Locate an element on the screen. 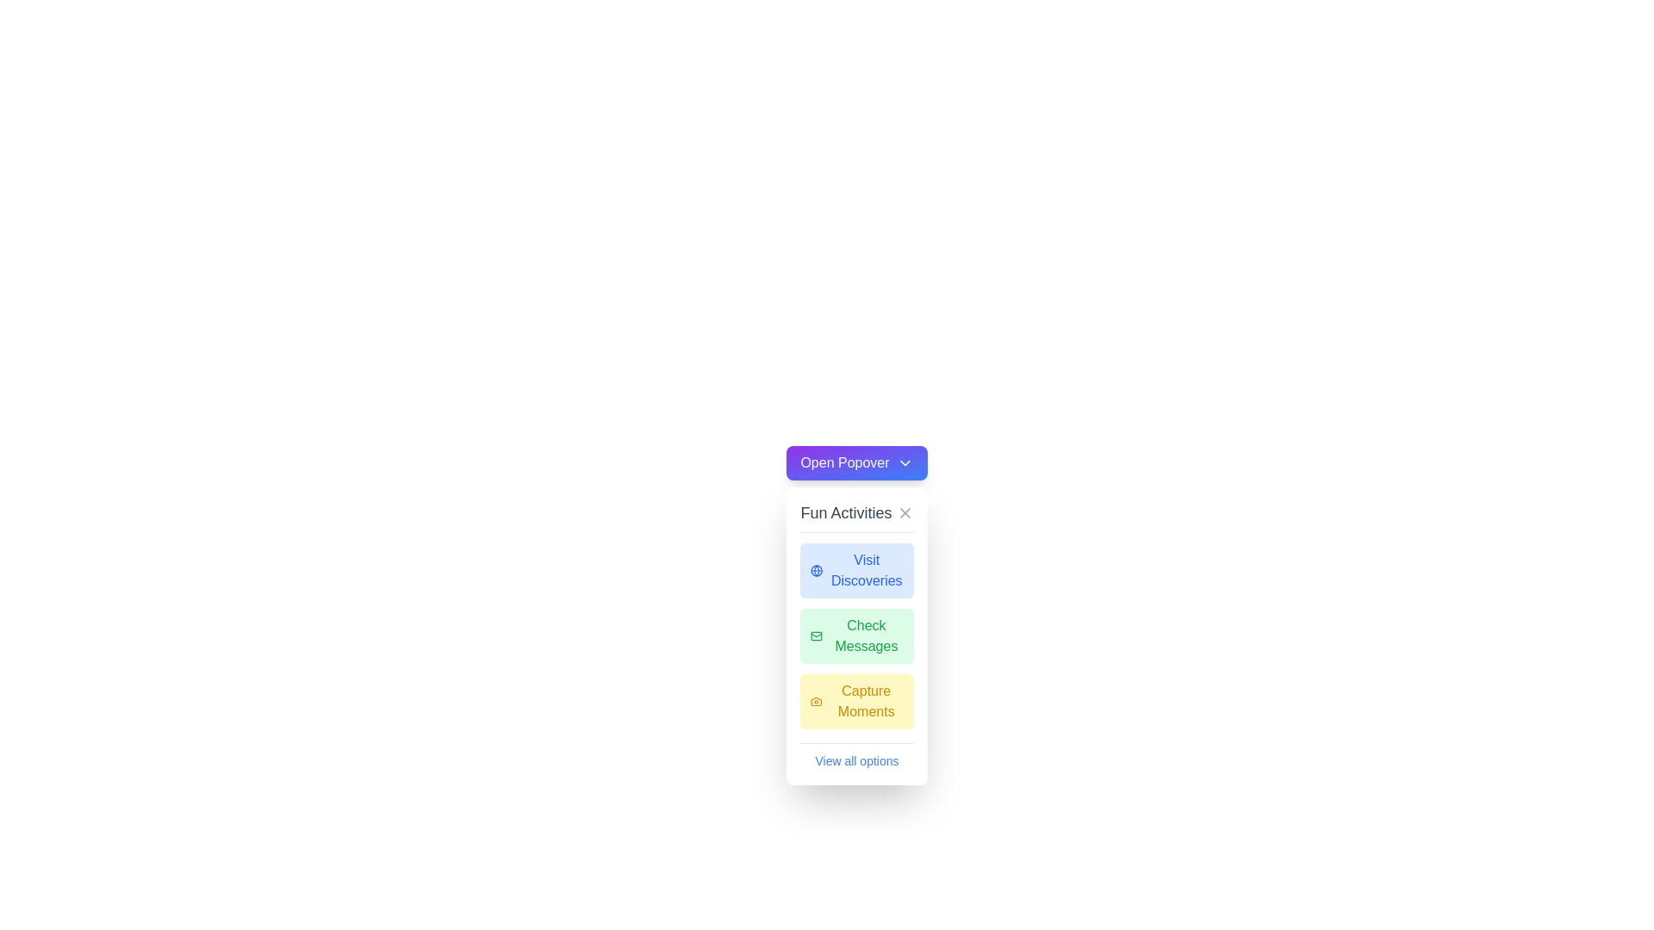  the Button with dropdown functionality located at the center of the dropdown interface is located at coordinates (856, 462).